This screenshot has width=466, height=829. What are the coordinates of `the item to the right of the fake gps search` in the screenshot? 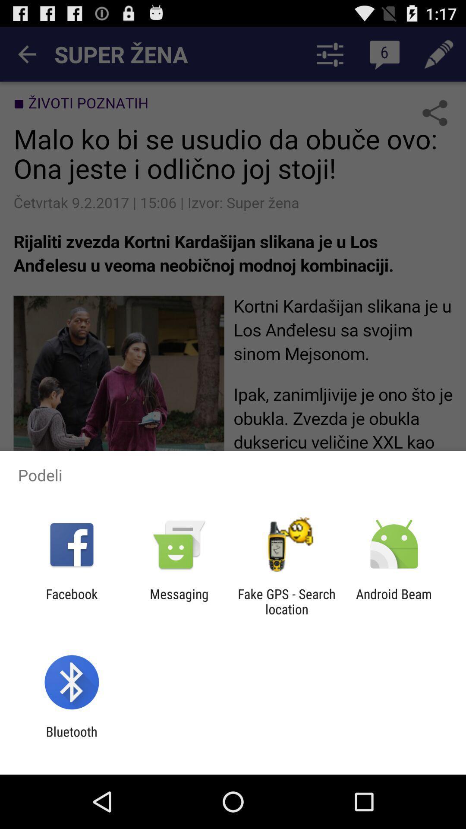 It's located at (394, 601).